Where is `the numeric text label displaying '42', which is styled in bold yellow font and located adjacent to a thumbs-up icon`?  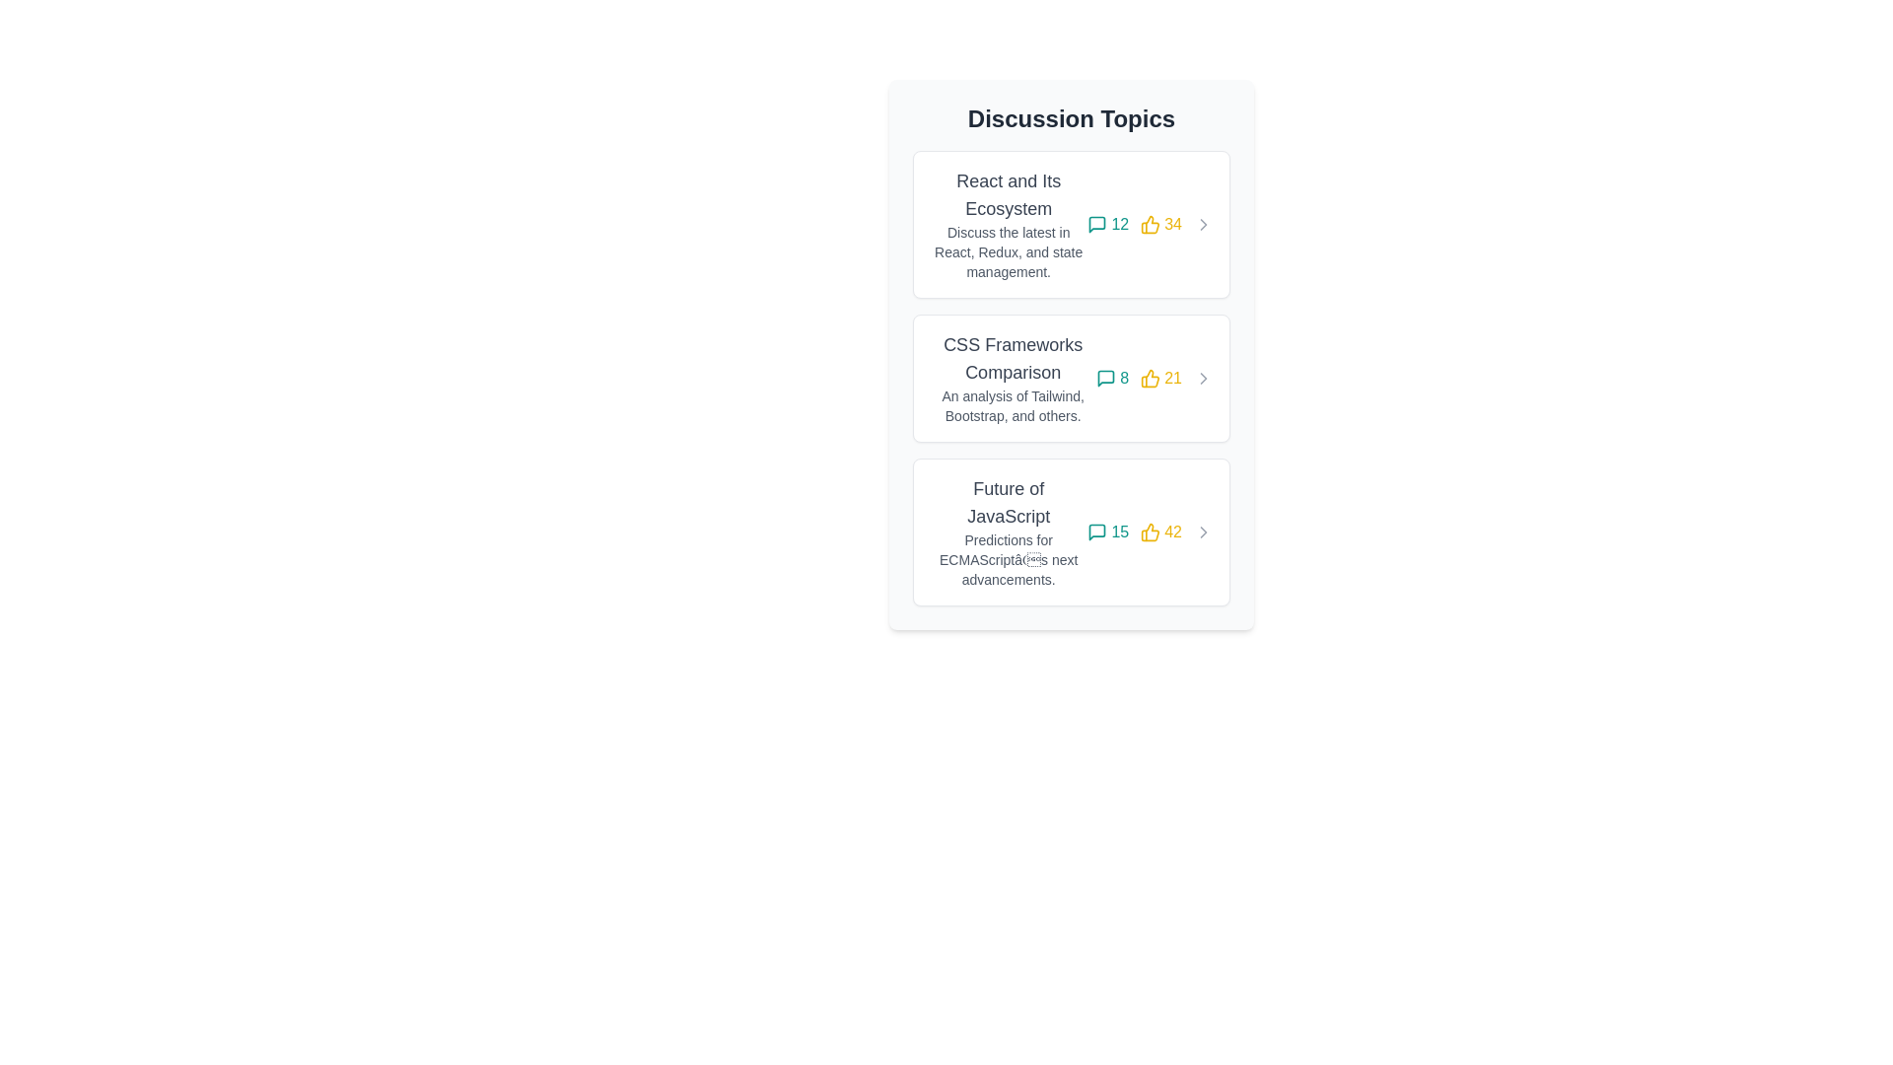 the numeric text label displaying '42', which is styled in bold yellow font and located adjacent to a thumbs-up icon is located at coordinates (1173, 532).